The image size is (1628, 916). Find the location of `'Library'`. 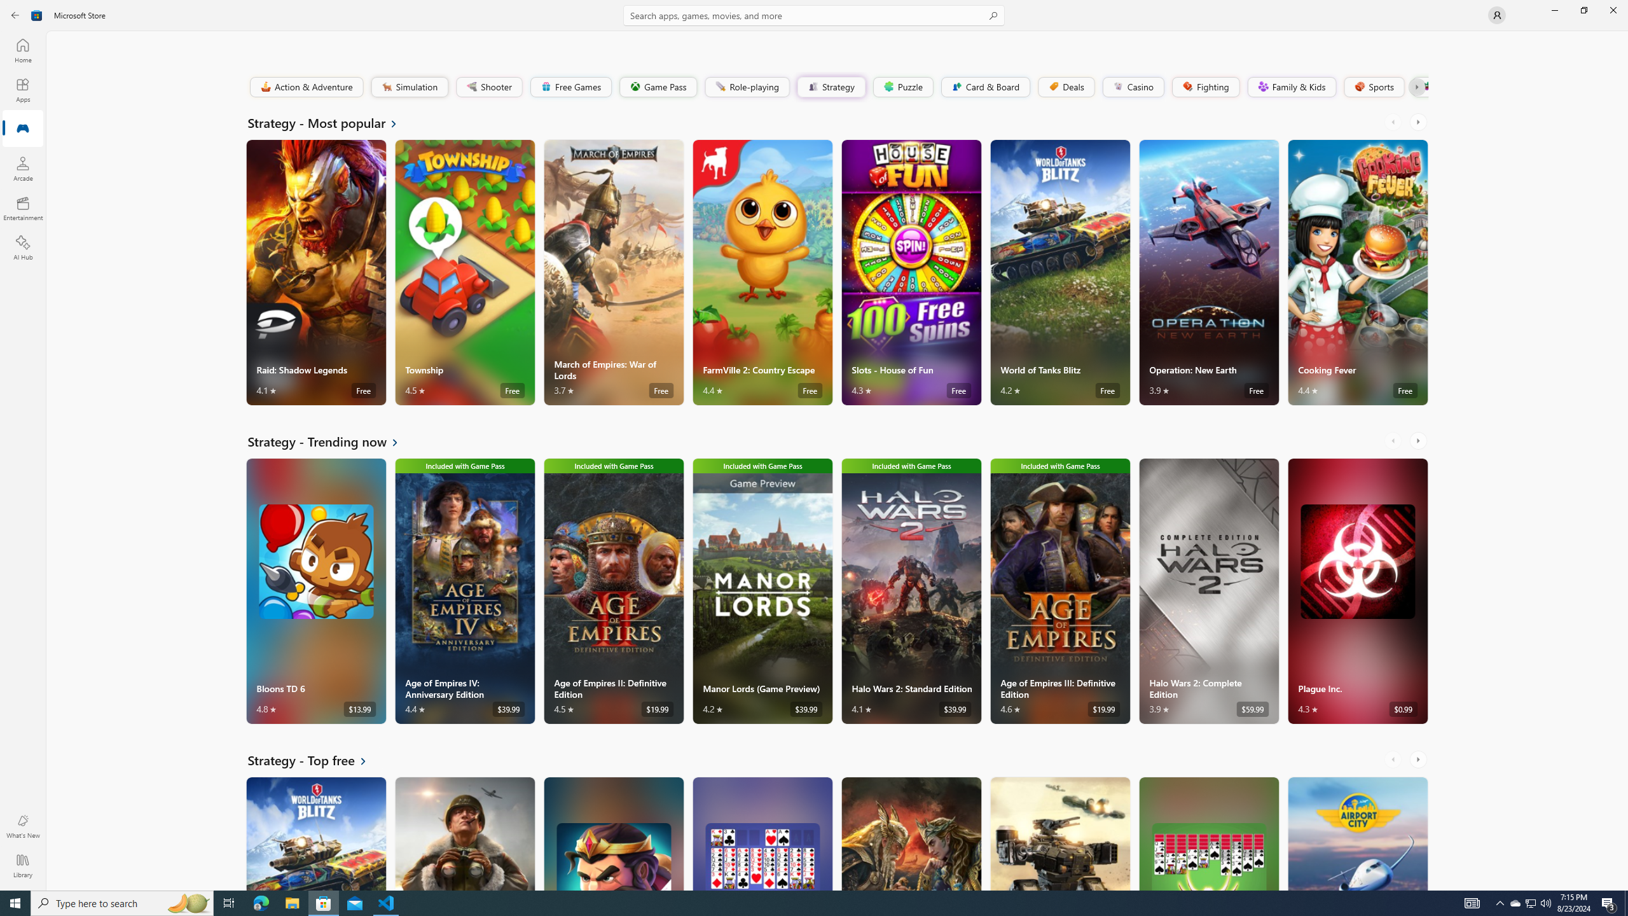

'Library' is located at coordinates (22, 865).